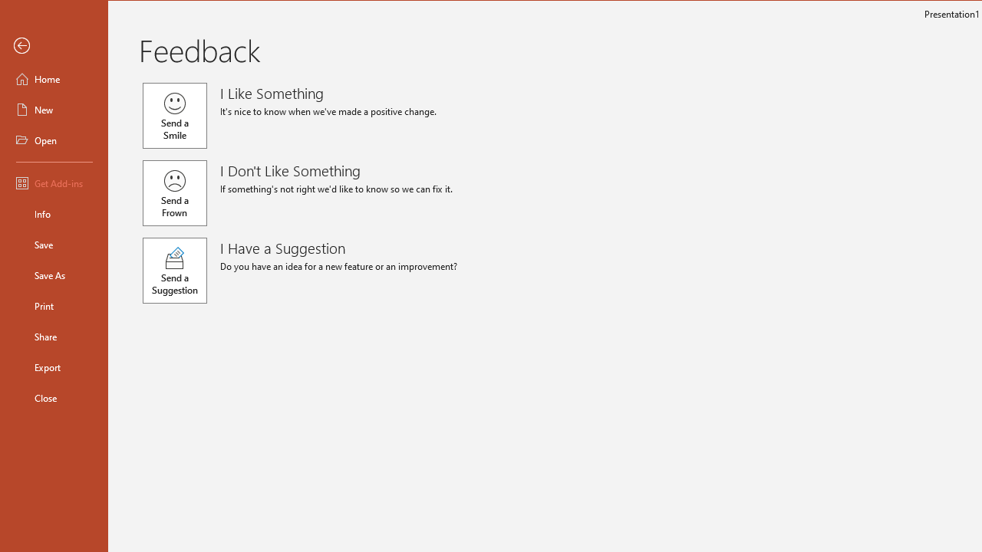 The height and width of the screenshot is (552, 982). Describe the element at coordinates (174, 114) in the screenshot. I see `'Send a Smile'` at that location.